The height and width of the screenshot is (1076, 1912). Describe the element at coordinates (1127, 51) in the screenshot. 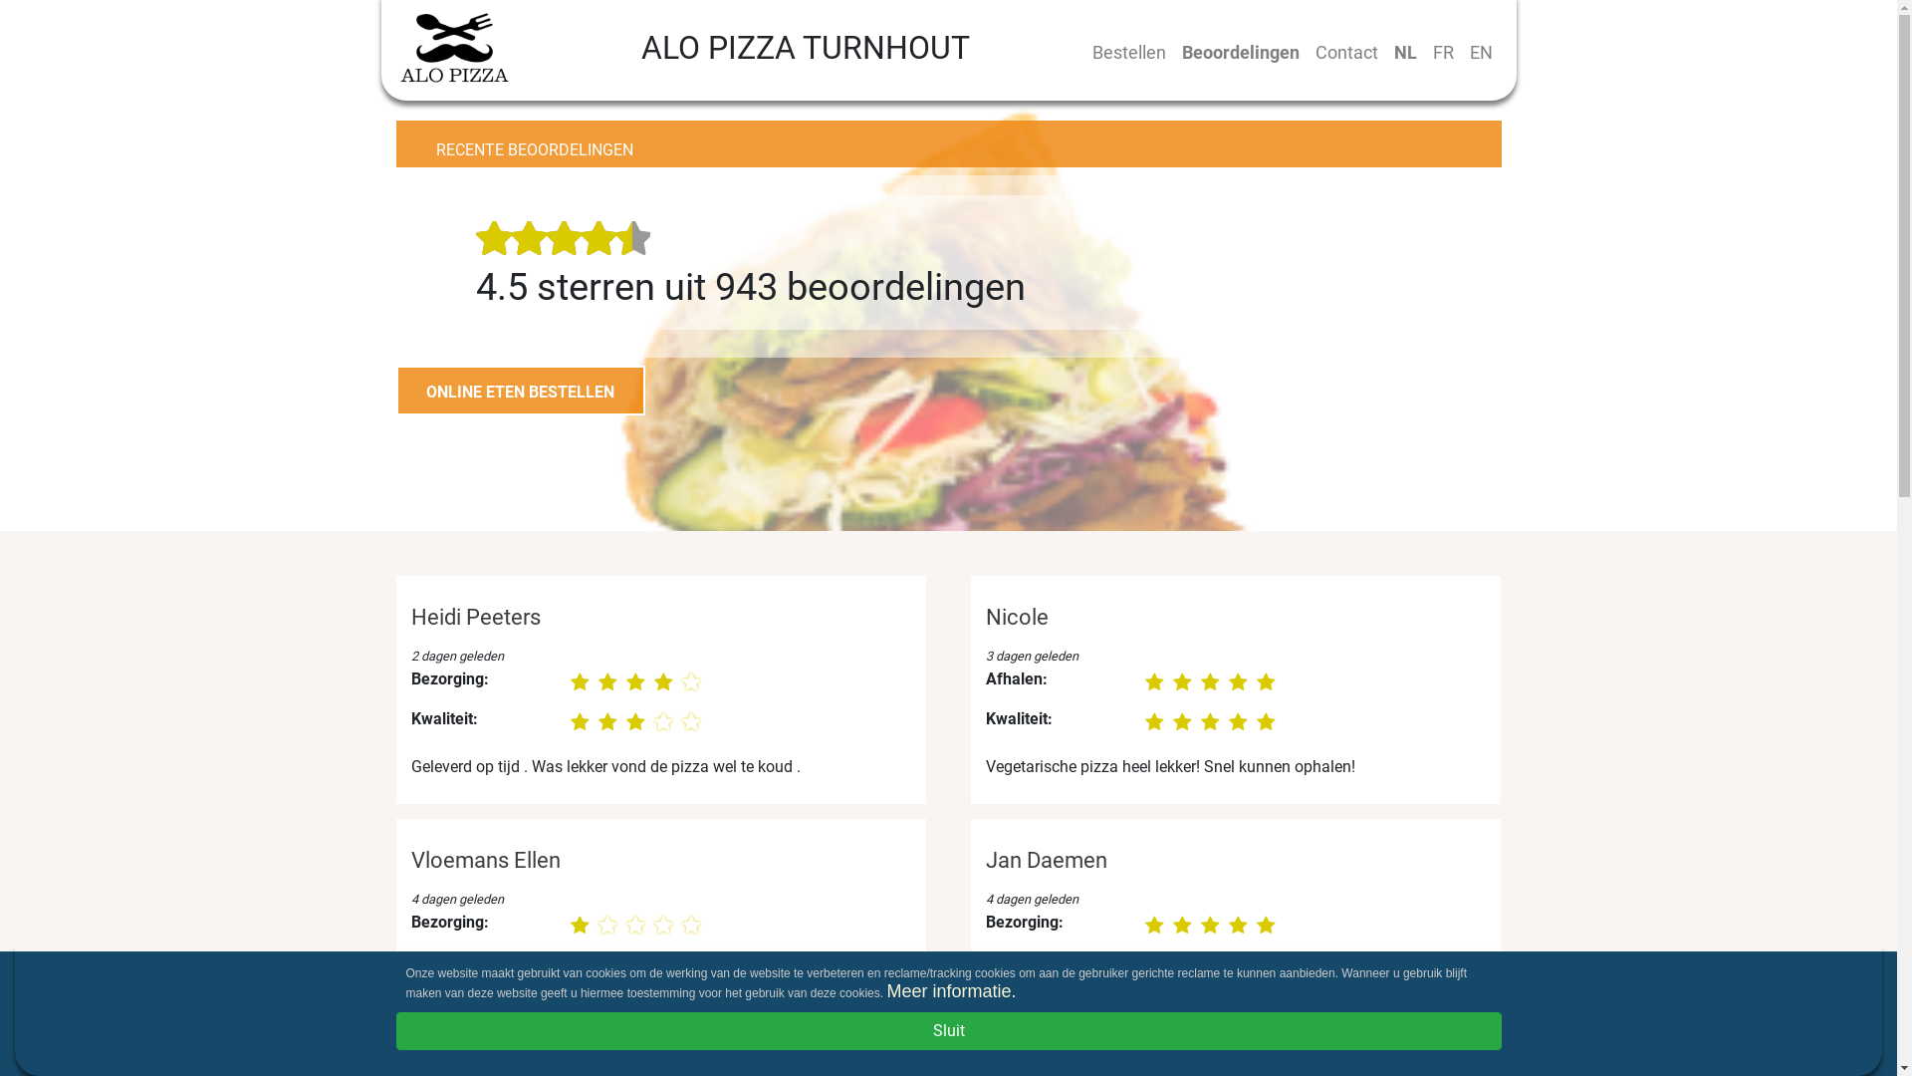

I see `'Bestellen'` at that location.